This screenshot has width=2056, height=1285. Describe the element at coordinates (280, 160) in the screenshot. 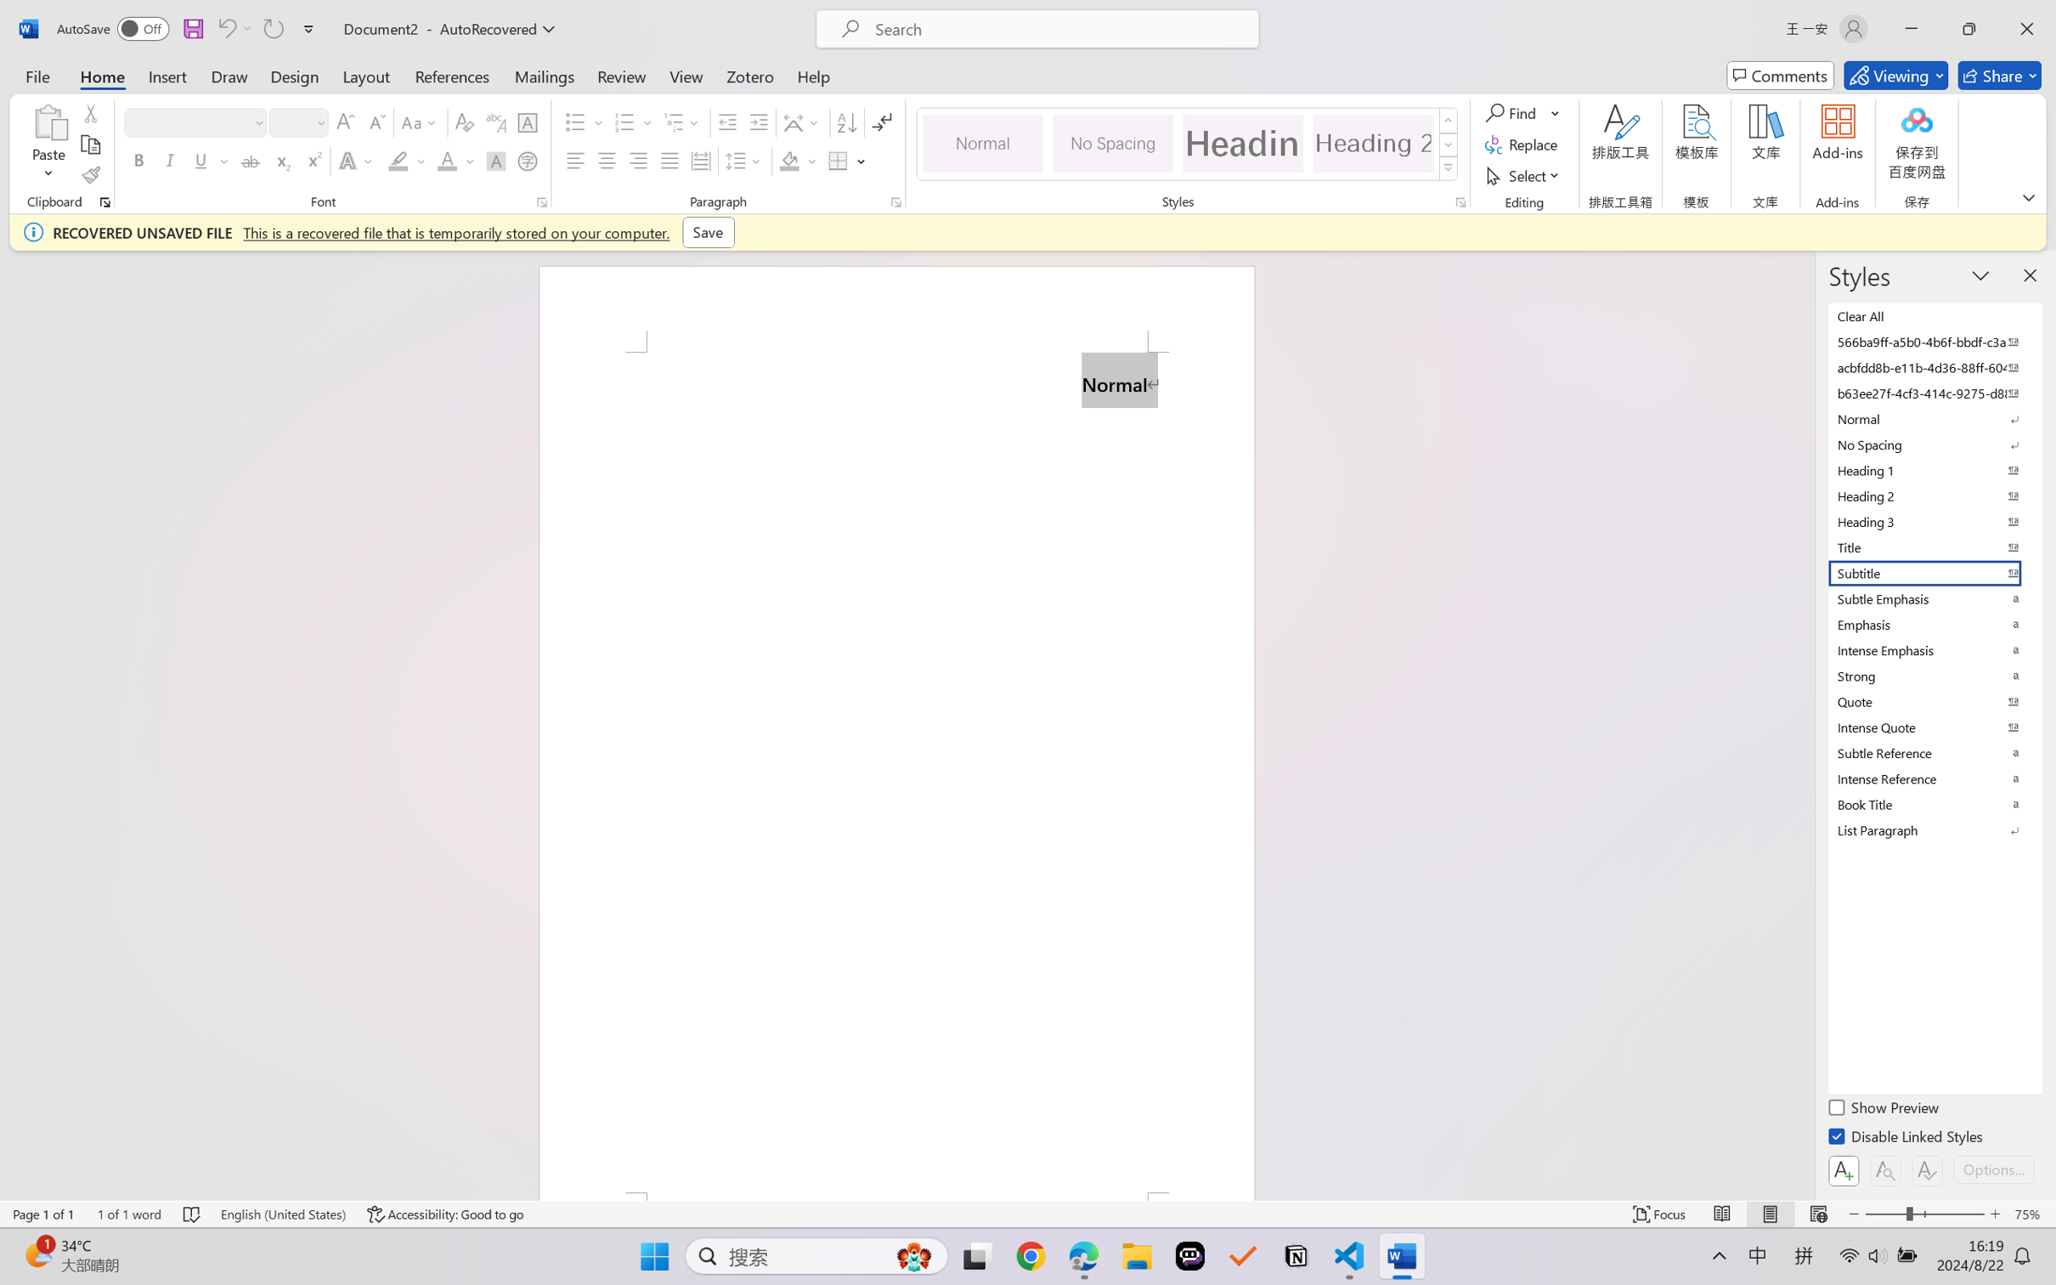

I see `'Subscript'` at that location.